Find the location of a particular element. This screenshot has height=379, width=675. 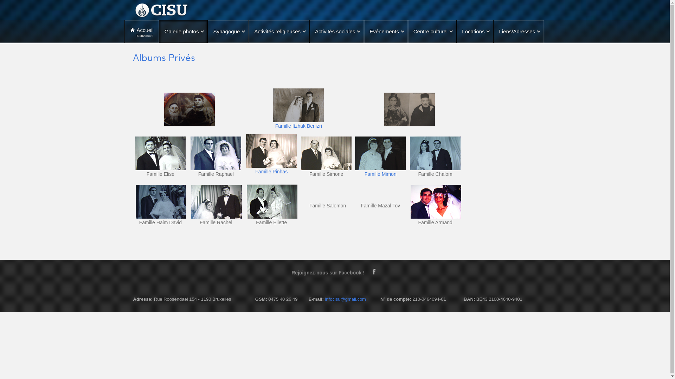

'Famille Mimon' is located at coordinates (380, 174).